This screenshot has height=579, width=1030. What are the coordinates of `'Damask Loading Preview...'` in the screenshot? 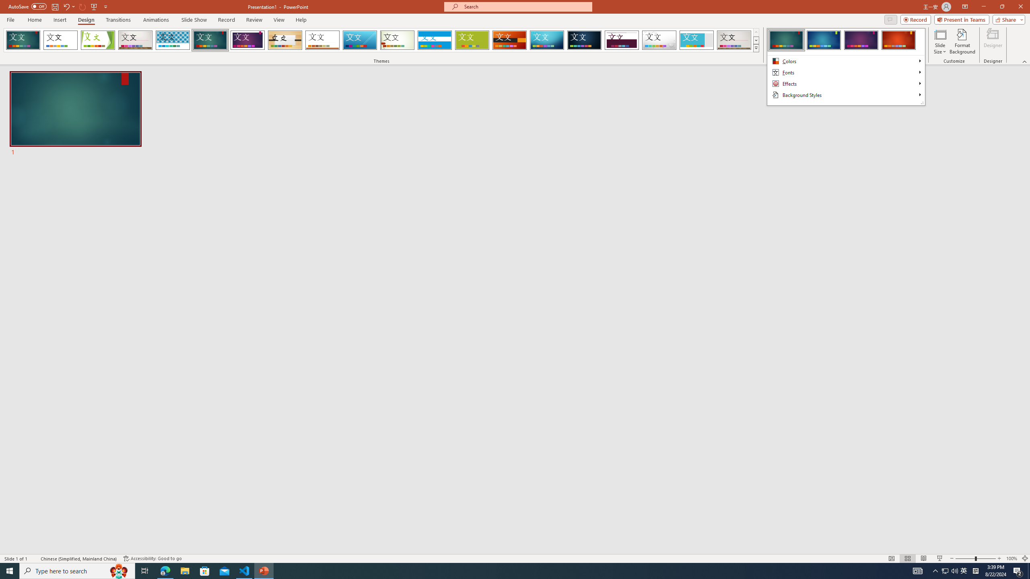 It's located at (584, 40).